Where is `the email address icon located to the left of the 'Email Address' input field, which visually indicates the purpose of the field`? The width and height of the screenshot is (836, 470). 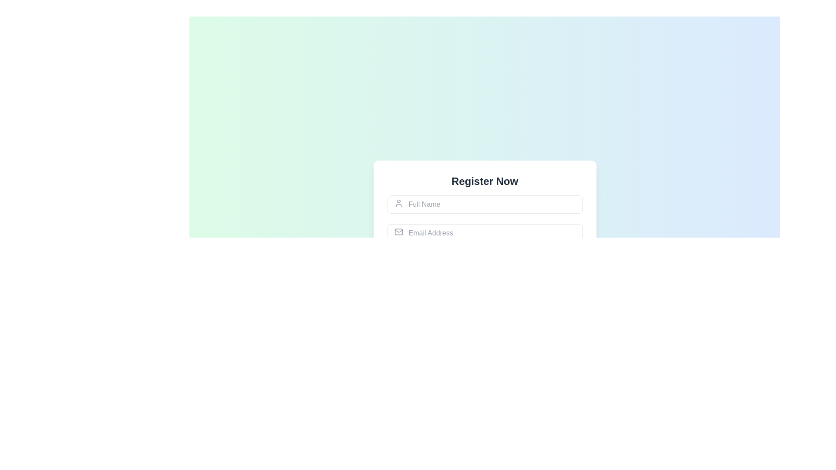
the email address icon located to the left of the 'Email Address' input field, which visually indicates the purpose of the field is located at coordinates (398, 231).